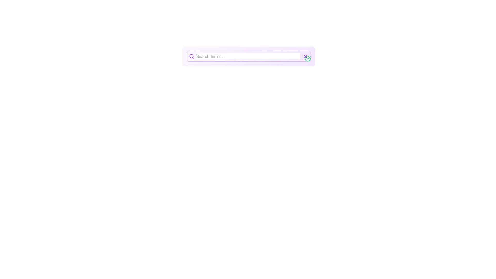  I want to click on the circular shape located inside the left side of the search icon in the user interface, so click(191, 56).